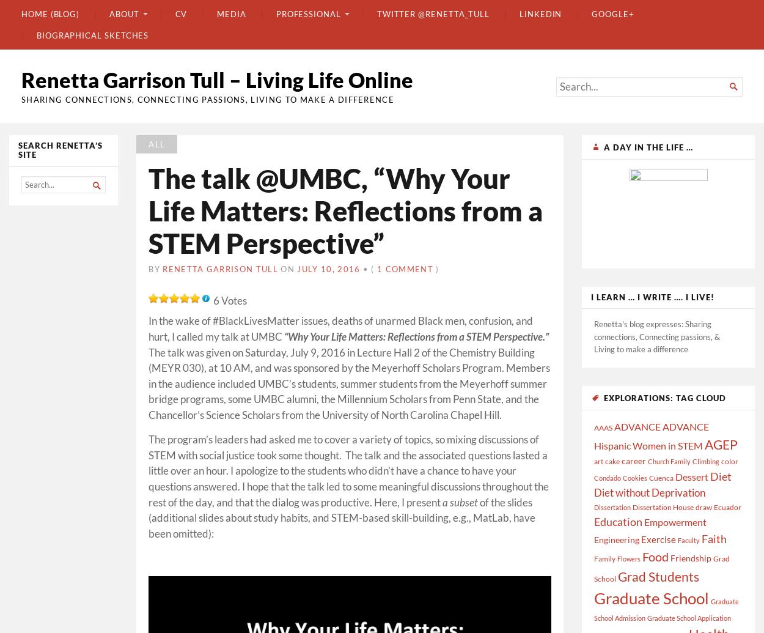 Image resolution: width=764 pixels, height=633 pixels. Describe the element at coordinates (590, 297) in the screenshot. I see `'I learn … I write …. I live!'` at that location.